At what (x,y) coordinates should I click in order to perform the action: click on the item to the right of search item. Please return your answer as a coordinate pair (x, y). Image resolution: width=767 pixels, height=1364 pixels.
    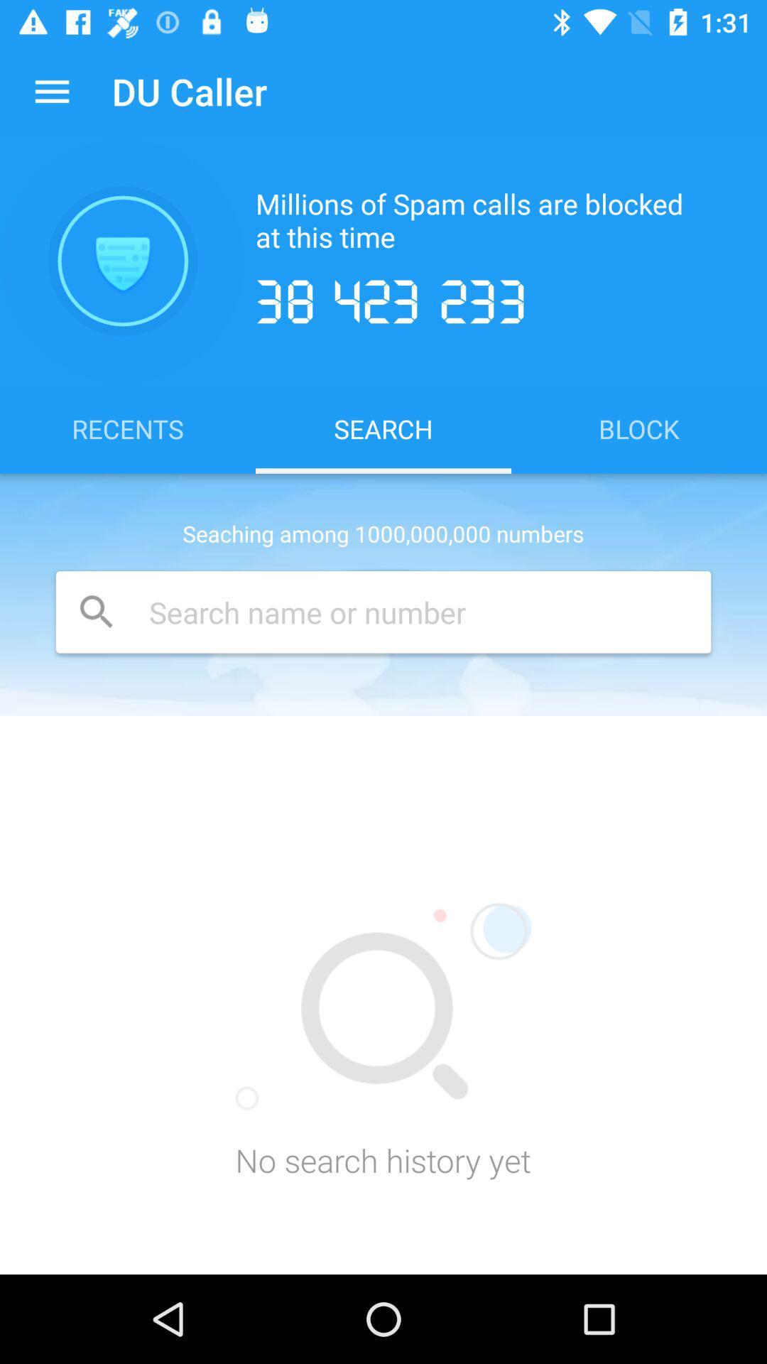
    Looking at the image, I should click on (638, 428).